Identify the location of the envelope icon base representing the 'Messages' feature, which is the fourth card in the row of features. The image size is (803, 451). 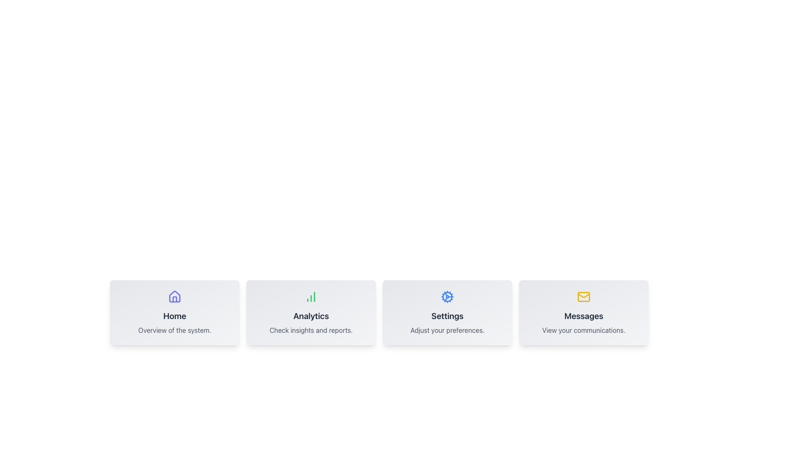
(583, 296).